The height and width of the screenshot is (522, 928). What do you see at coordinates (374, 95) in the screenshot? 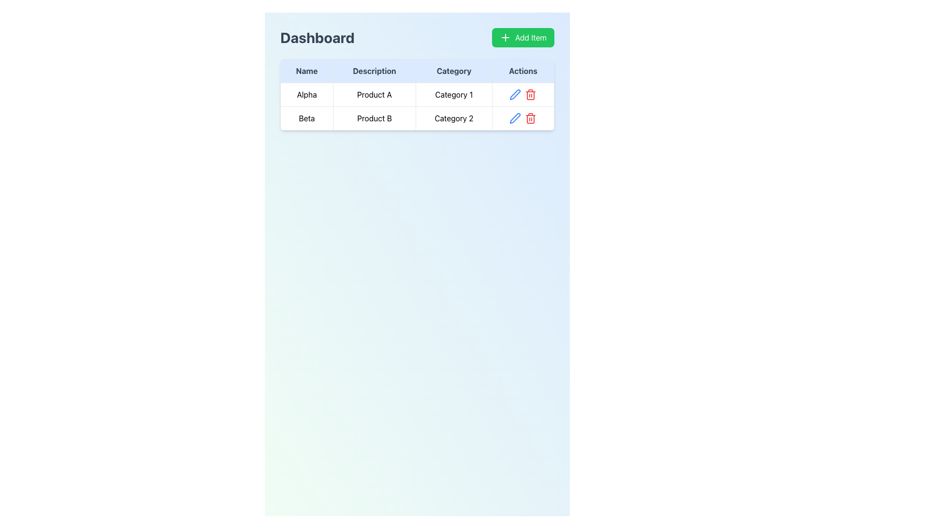
I see `text content of the Text Label located in the second column of the first row of a table-like structure` at bounding box center [374, 95].